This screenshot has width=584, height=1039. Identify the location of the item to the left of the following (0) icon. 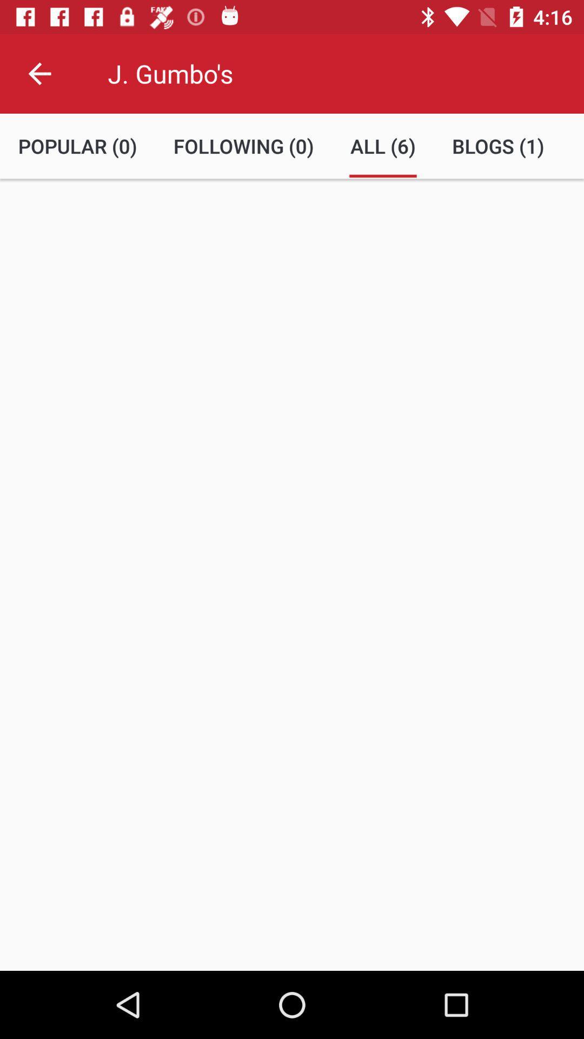
(77, 146).